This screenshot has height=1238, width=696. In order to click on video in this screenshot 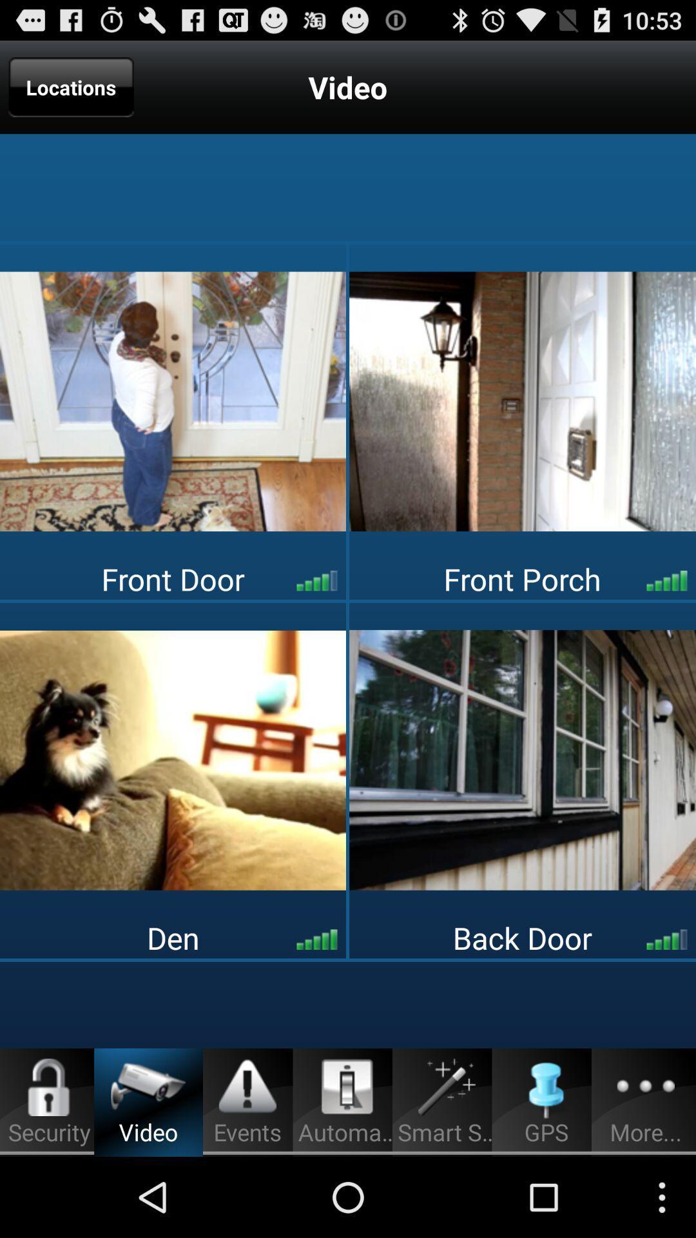, I will do `click(523, 760)`.